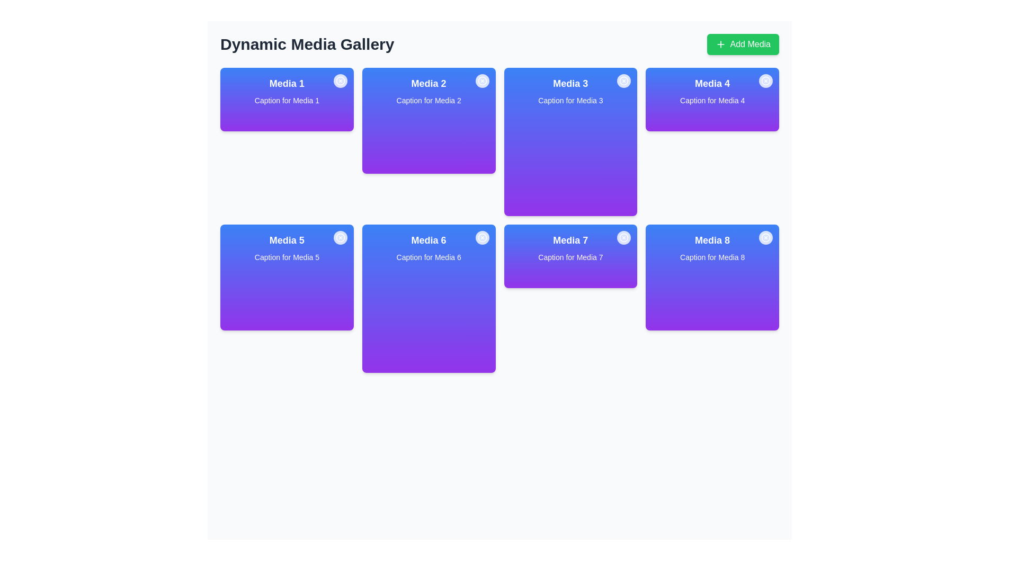 This screenshot has height=572, width=1017. I want to click on the close button located at the top-right corner of the 'Media 1' card, so click(340, 81).